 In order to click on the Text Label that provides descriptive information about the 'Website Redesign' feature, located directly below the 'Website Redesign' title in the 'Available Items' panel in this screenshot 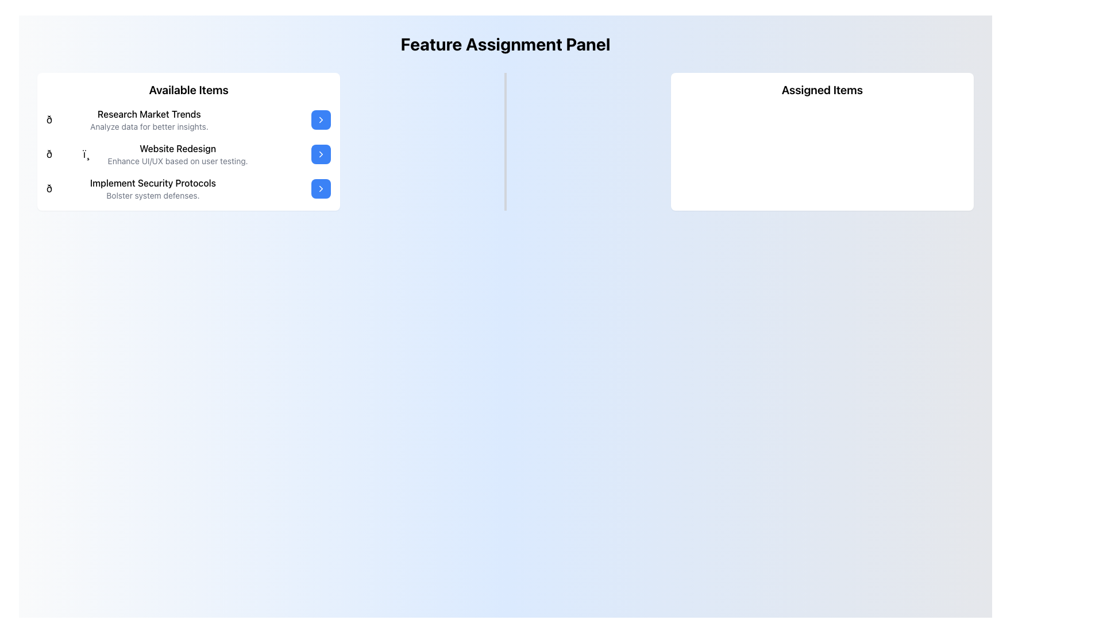, I will do `click(177, 161)`.